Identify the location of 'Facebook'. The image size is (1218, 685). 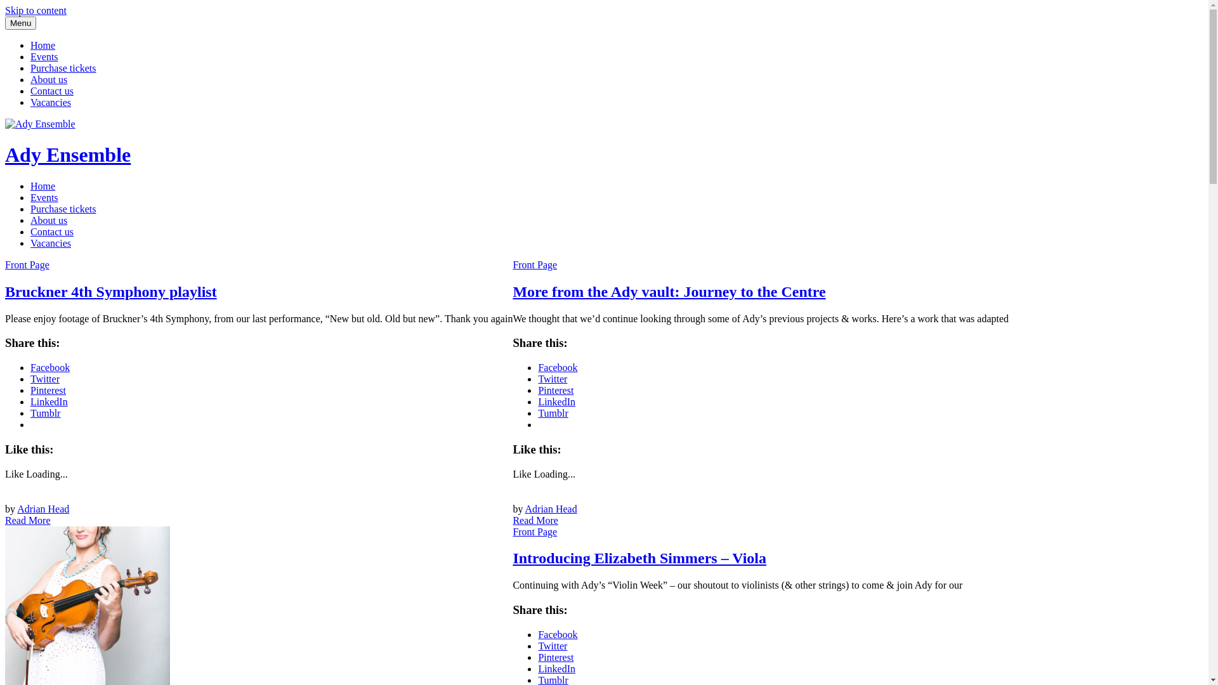
(538, 367).